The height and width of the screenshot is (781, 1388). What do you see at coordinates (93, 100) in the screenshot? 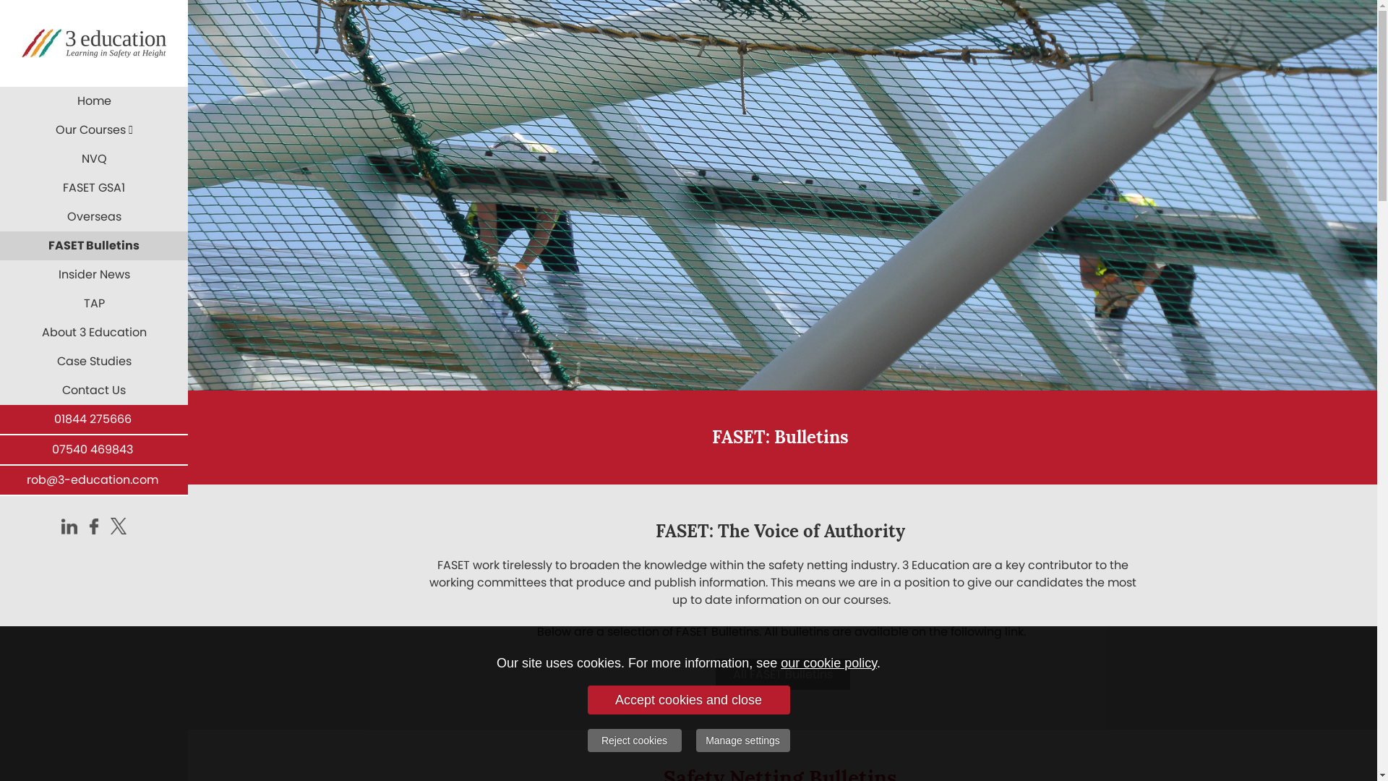
I see `'Home'` at bounding box center [93, 100].